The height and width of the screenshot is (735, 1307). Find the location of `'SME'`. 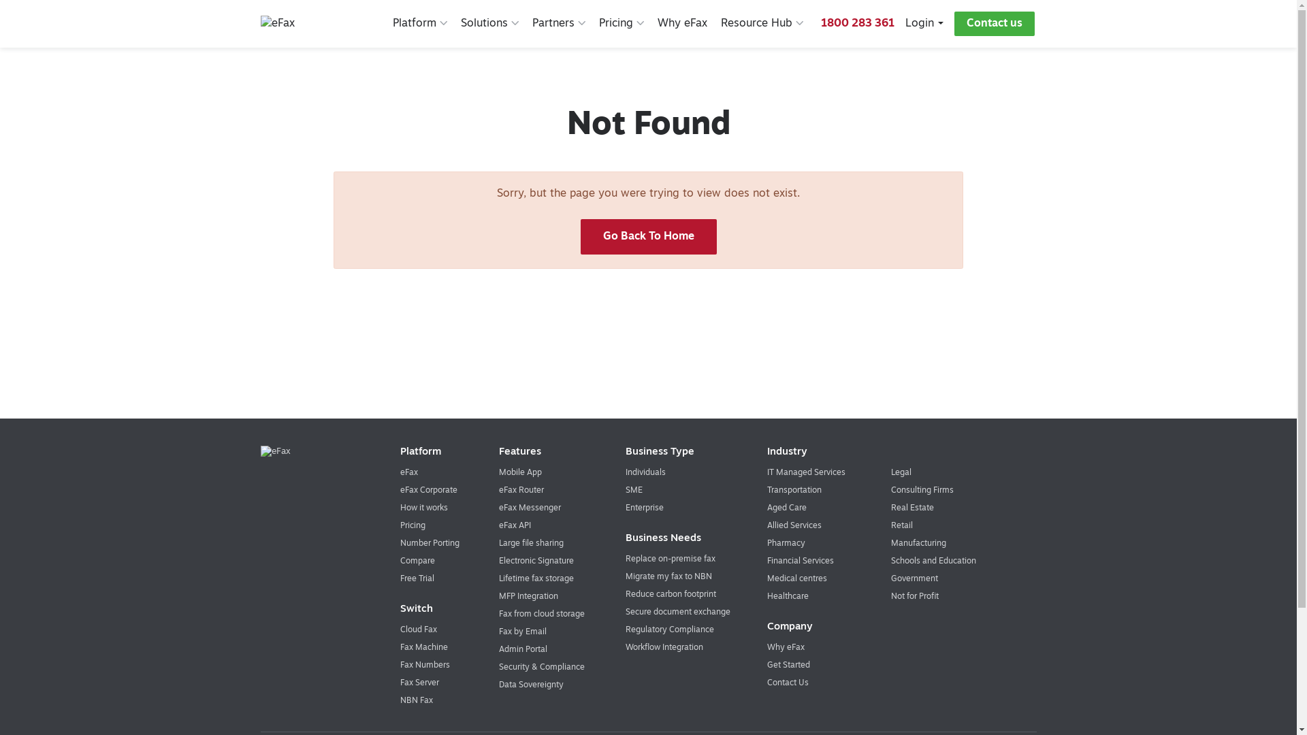

'SME' is located at coordinates (633, 491).